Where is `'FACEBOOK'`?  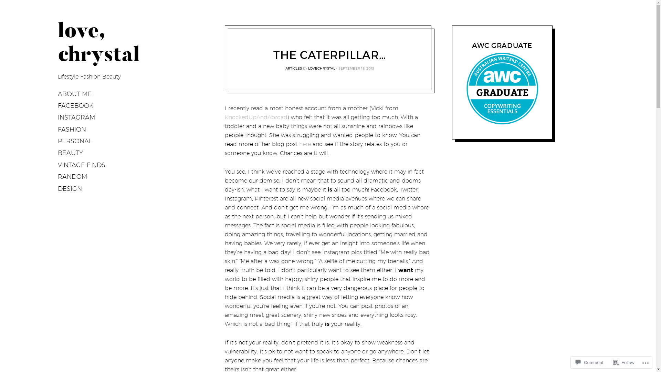
'FACEBOOK' is located at coordinates (75, 106).